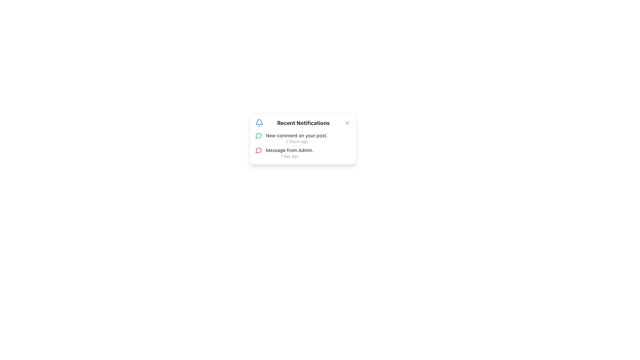 This screenshot has height=360, width=640. What do you see at coordinates (290, 156) in the screenshot?
I see `the label that indicates the time elapsed since a notification was created, located below the 'Message from Admin.' headline` at bounding box center [290, 156].